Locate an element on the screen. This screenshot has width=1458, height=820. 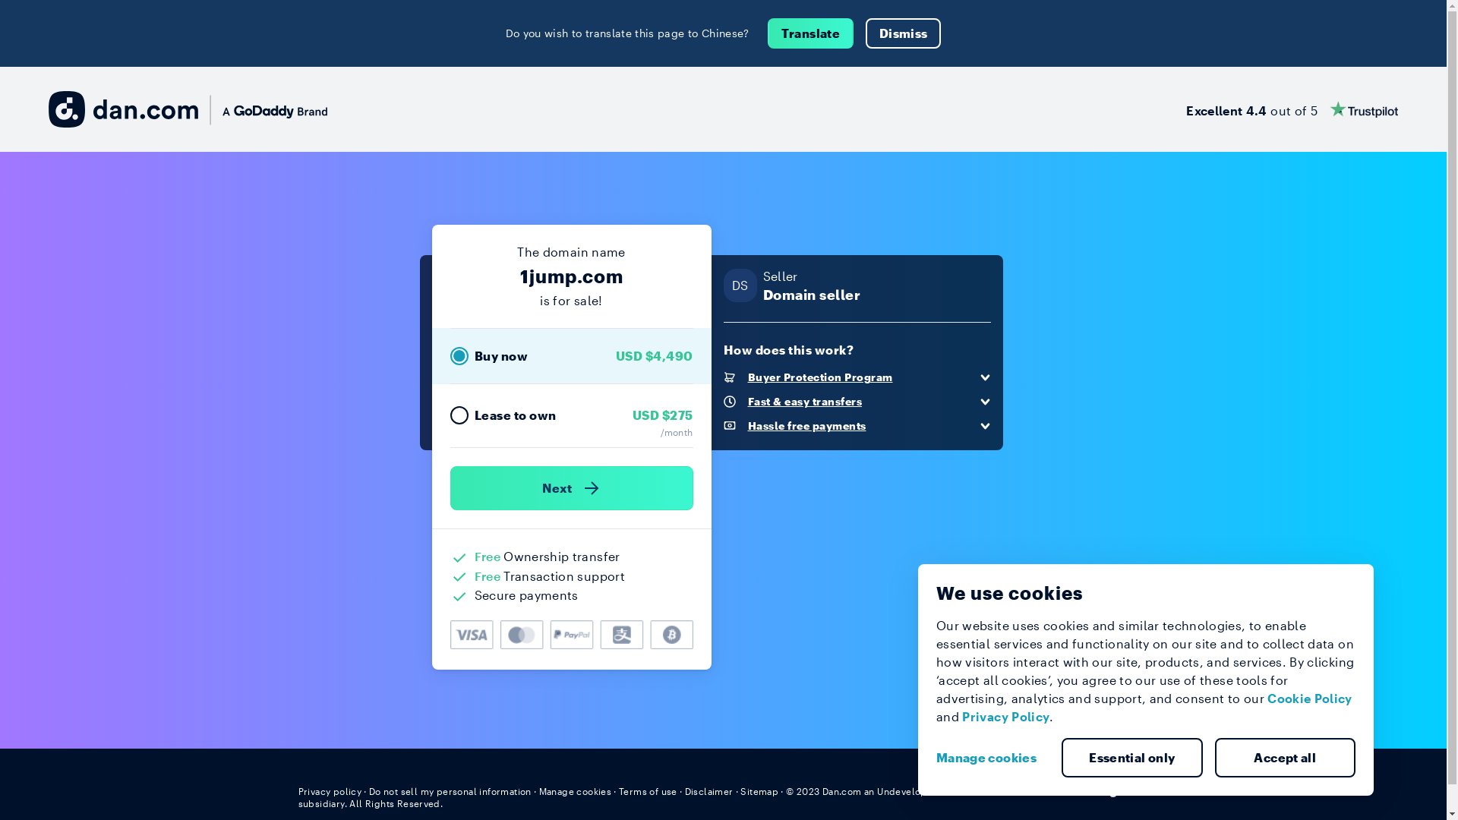
'Terms of use' is located at coordinates (648, 790).